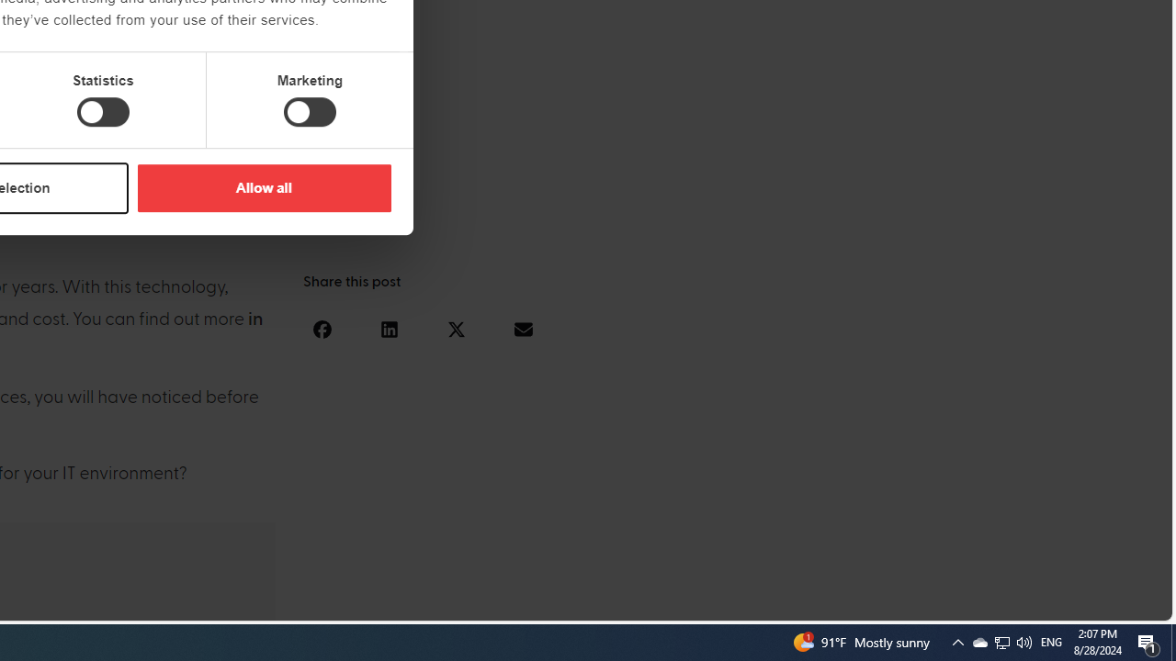 Image resolution: width=1176 pixels, height=661 pixels. I want to click on 'Allow all', so click(263, 187).